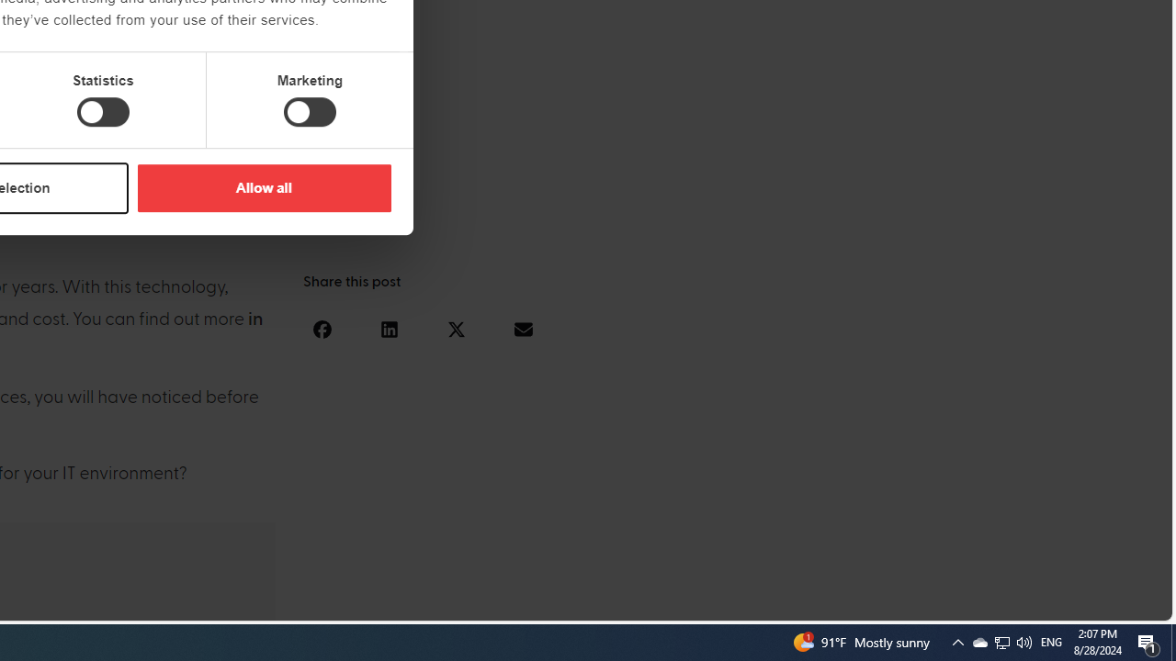 Image resolution: width=1176 pixels, height=661 pixels. I want to click on 'Allow all', so click(263, 187).